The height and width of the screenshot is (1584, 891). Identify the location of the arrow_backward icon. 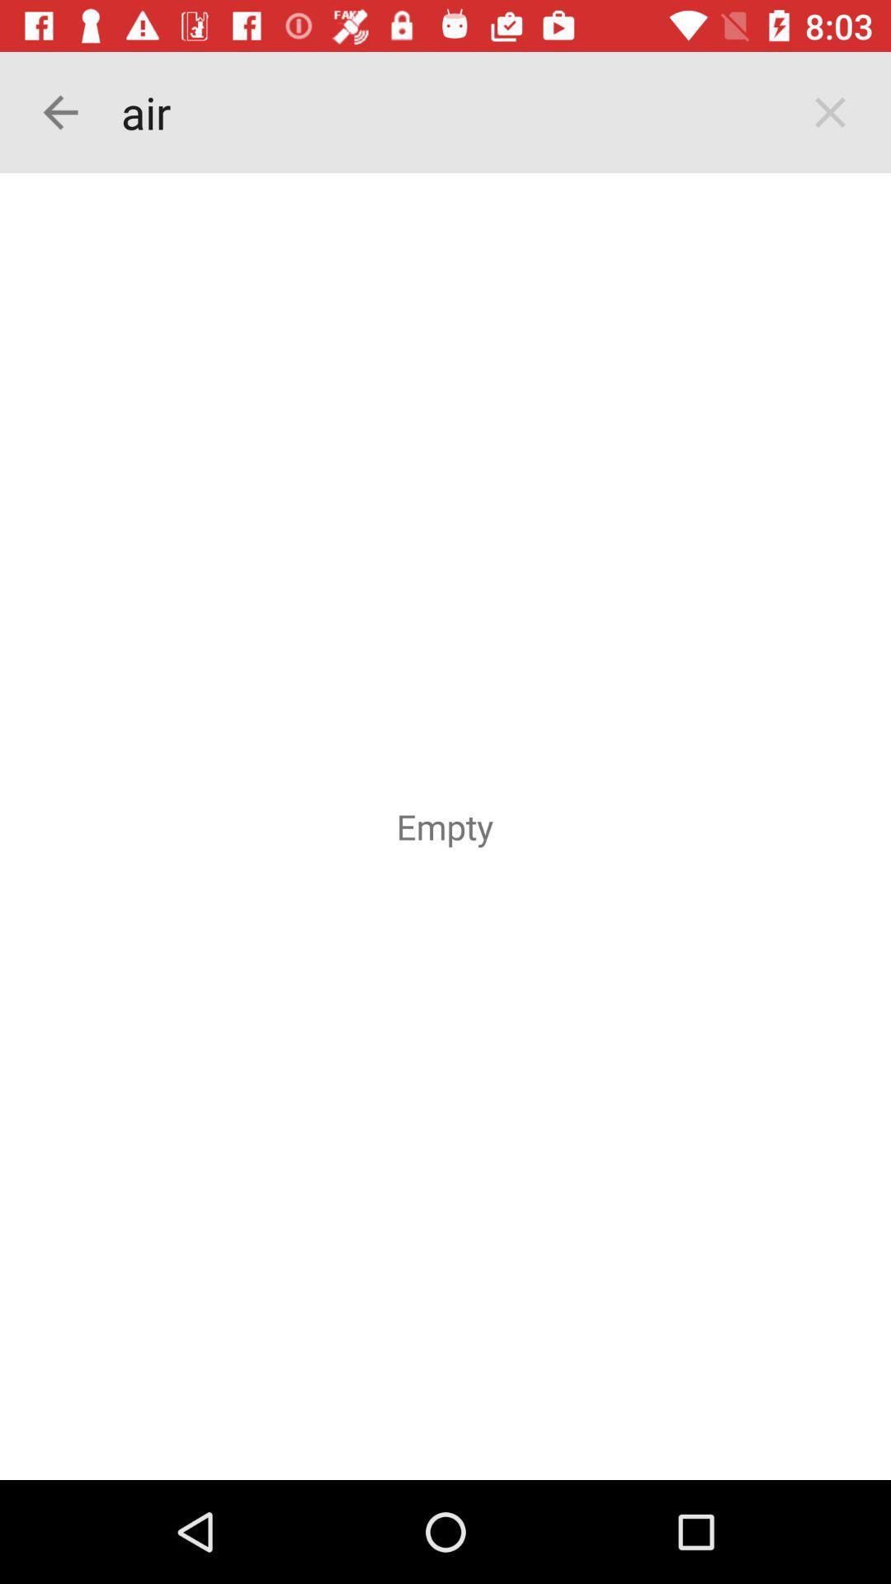
(59, 111).